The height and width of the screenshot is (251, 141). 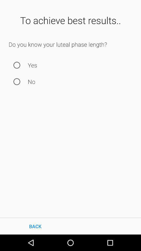 I want to click on answer question, so click(x=17, y=82).